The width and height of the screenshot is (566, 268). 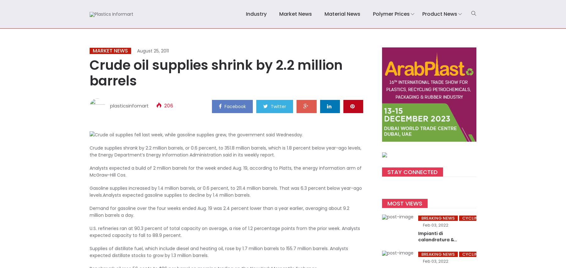 What do you see at coordinates (219, 251) in the screenshot?
I see `'Supplies of distillate fuel, which include diesel and heating oil, rose by 1.7 million barrels to 155.7 million barrels. Analysts expected distillate stocks to grow by 1.3 million barrels.'` at bounding box center [219, 251].